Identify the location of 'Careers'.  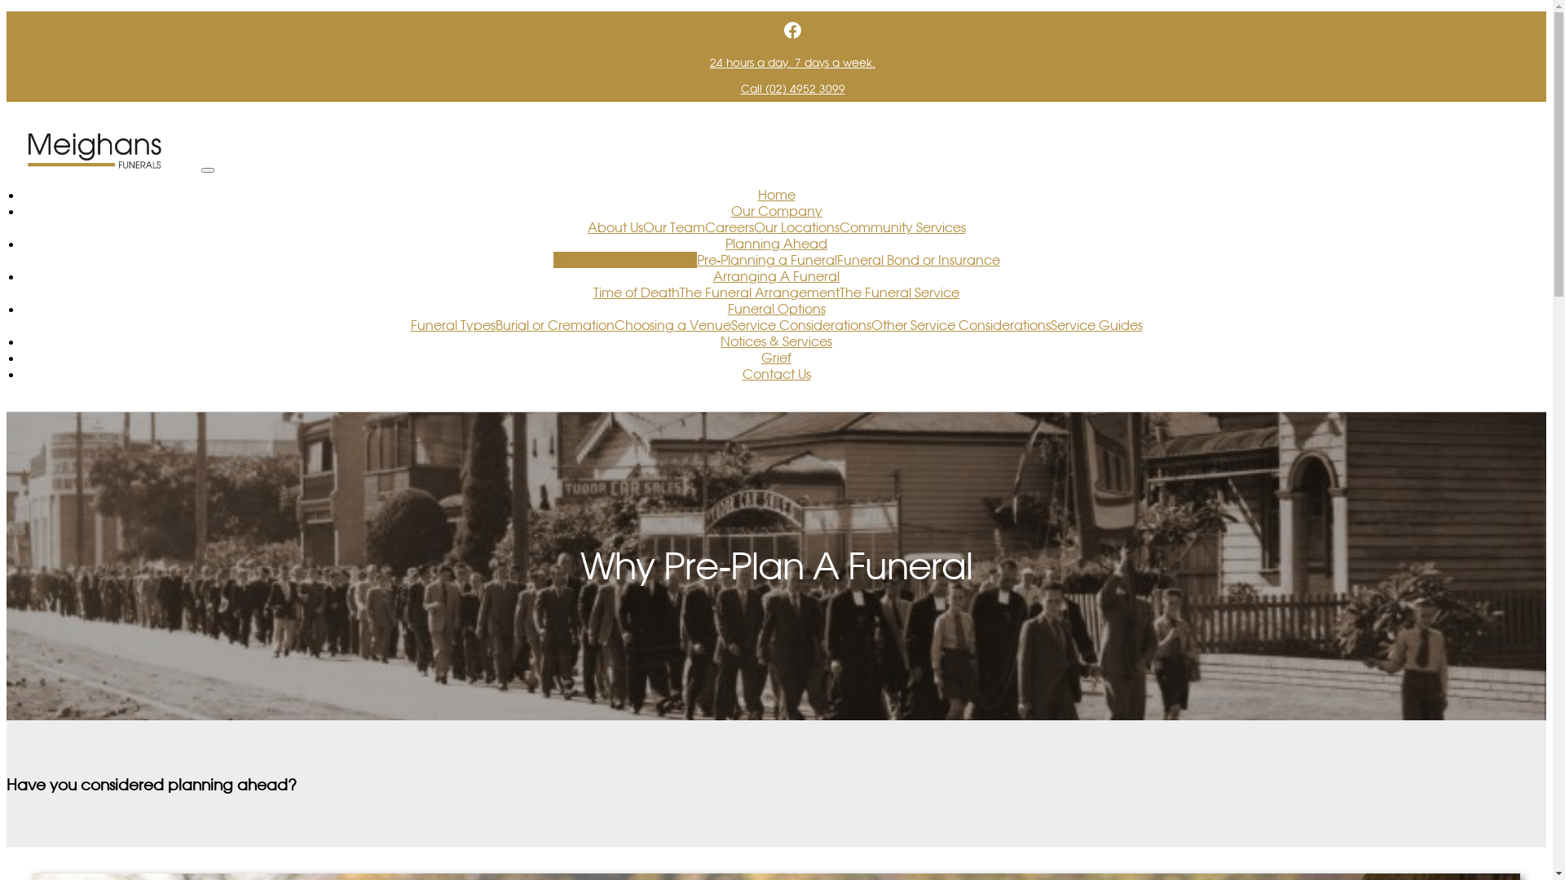
(727, 227).